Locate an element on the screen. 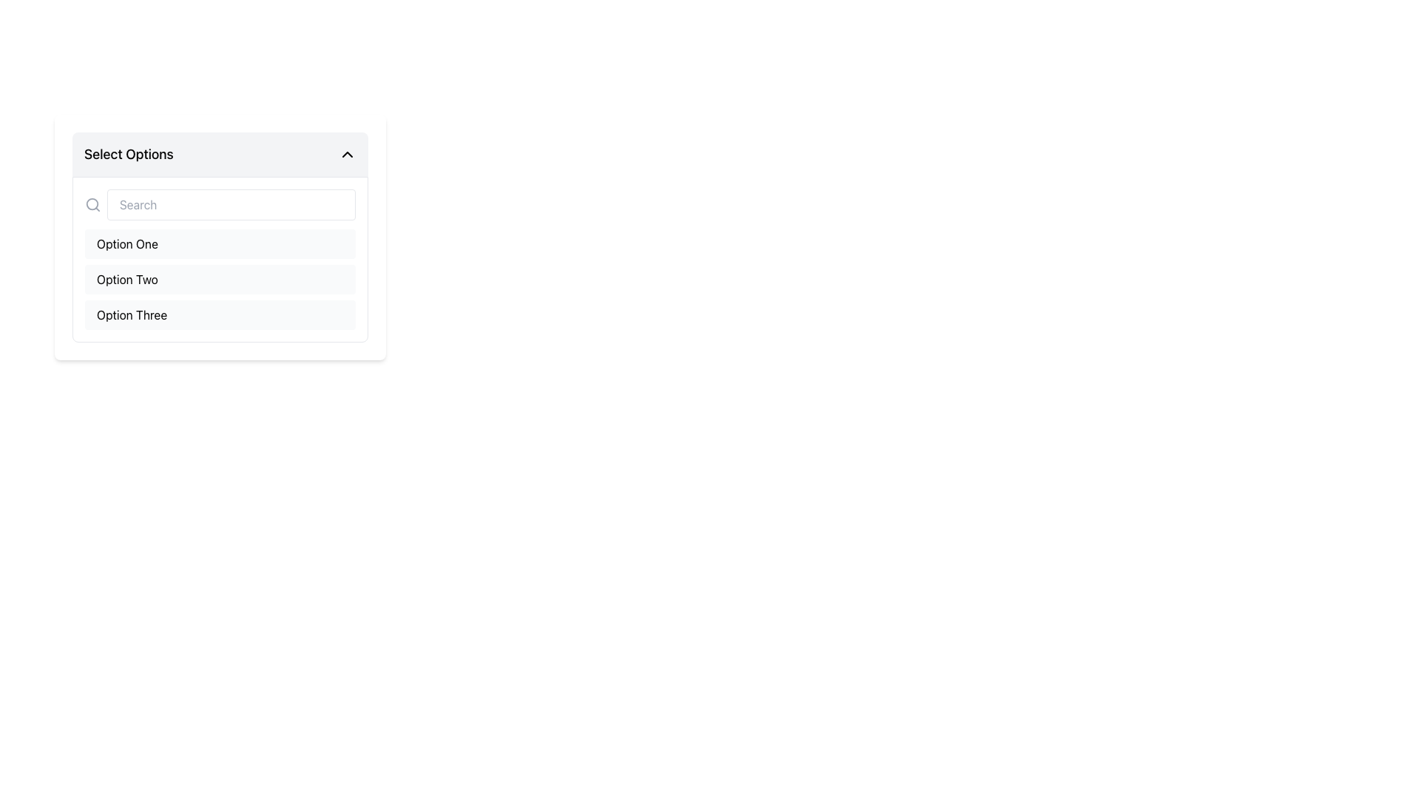 This screenshot has width=1420, height=799. the List Item labeled 'Option One', which is the first item in the dropdown menu located under the search bar is located at coordinates (219, 243).